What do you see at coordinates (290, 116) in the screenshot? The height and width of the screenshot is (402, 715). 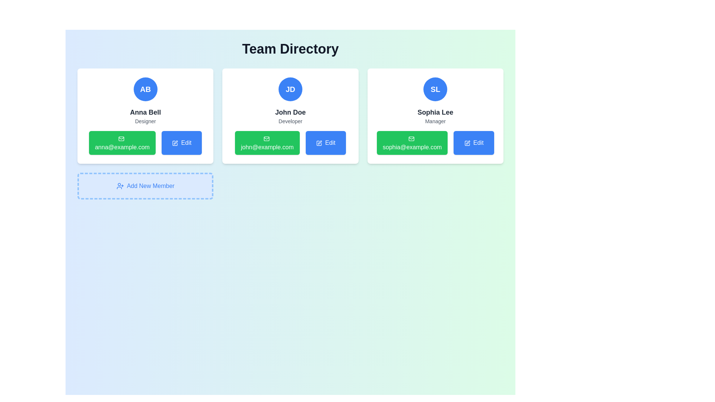 I see `the Text Display element which shows 'John Doe' and 'Developer', located in the middle card under the blue circular avatar with 'JD'` at bounding box center [290, 116].